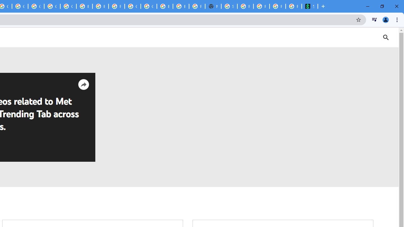 Image resolution: width=404 pixels, height=227 pixels. I want to click on 'Toggle share toolbar open/closed', so click(83, 84).